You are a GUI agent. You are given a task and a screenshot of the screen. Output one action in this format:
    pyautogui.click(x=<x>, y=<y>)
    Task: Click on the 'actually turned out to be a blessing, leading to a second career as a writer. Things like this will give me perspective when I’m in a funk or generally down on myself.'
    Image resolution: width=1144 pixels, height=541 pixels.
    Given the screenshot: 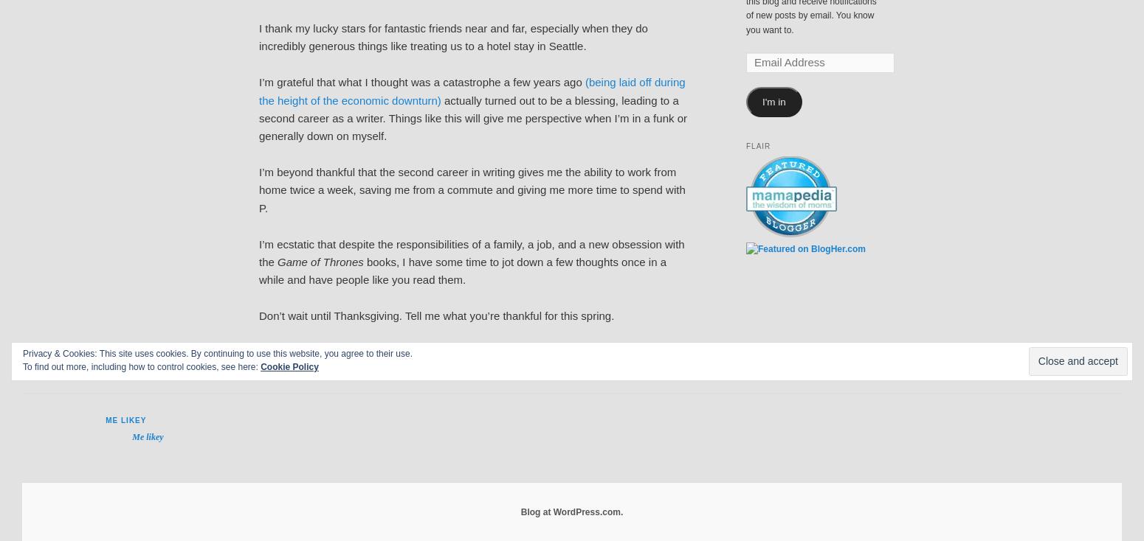 What is the action you would take?
    pyautogui.click(x=258, y=117)
    